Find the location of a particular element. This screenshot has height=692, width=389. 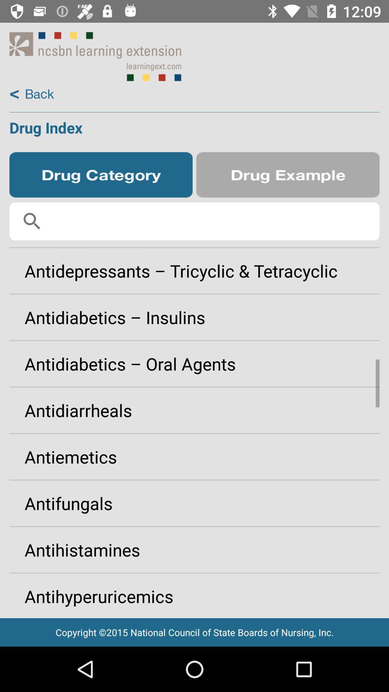

icon below the antihistamines is located at coordinates (194, 593).